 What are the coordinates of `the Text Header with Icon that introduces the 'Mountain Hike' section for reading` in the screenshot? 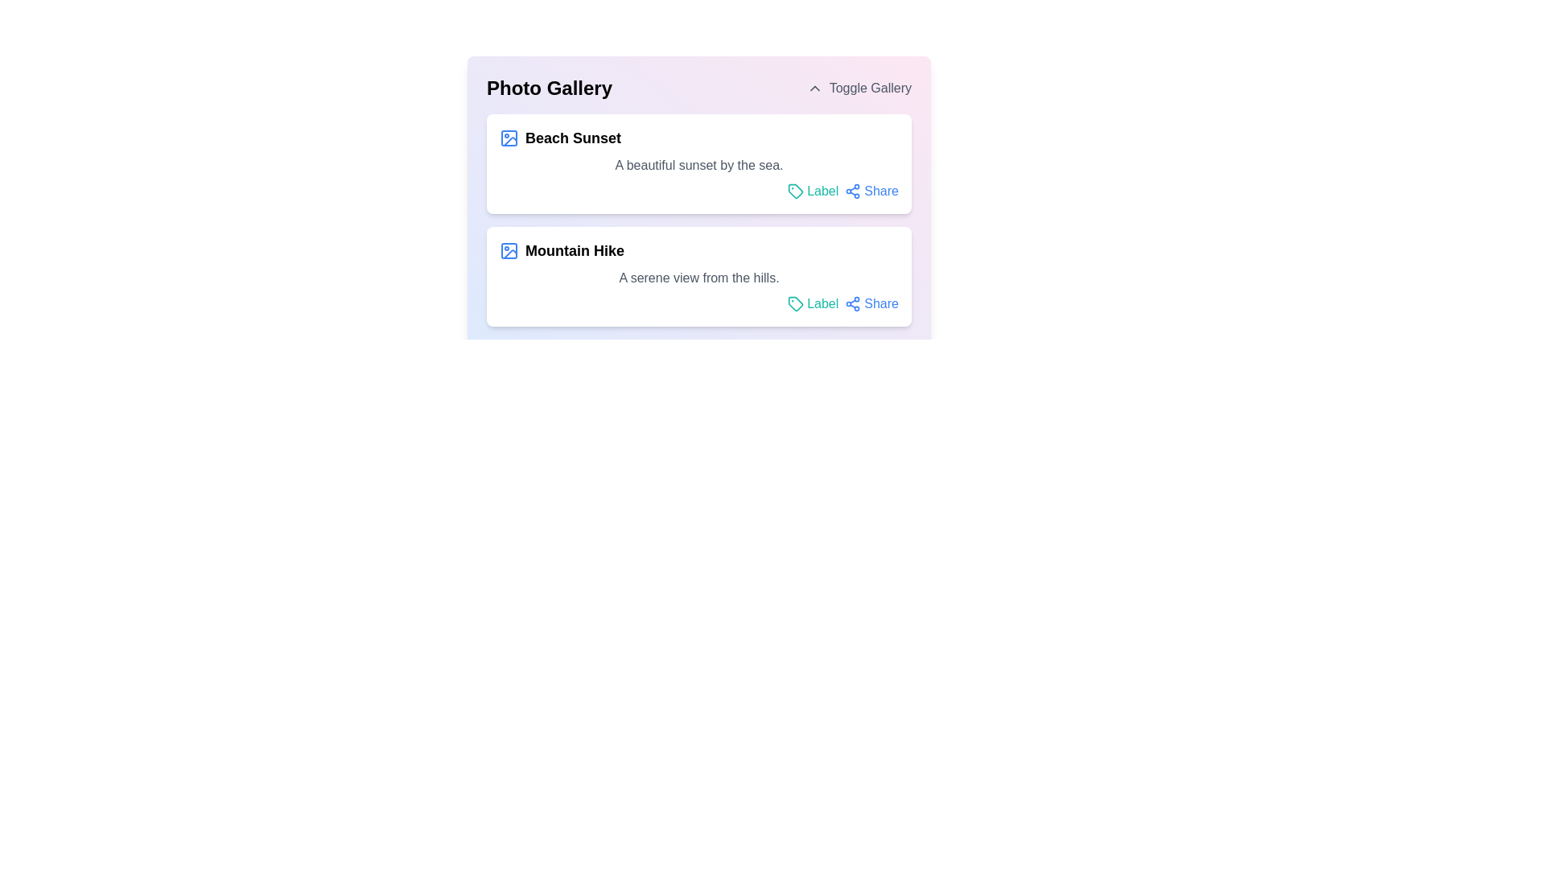 It's located at (698, 251).